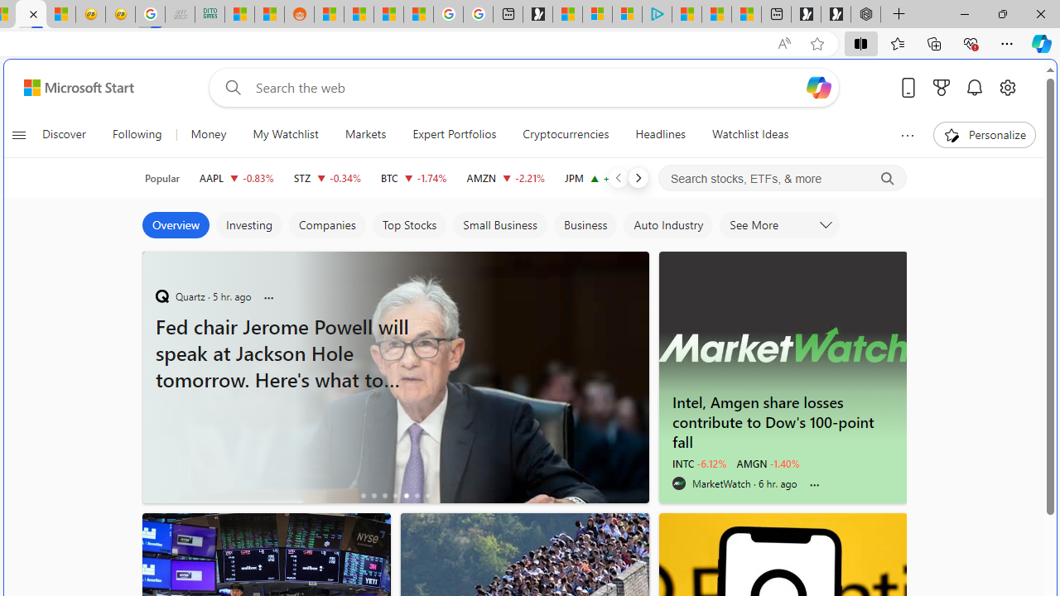 This screenshot has width=1060, height=596. I want to click on 'Watchlist Ideas', so click(749, 134).